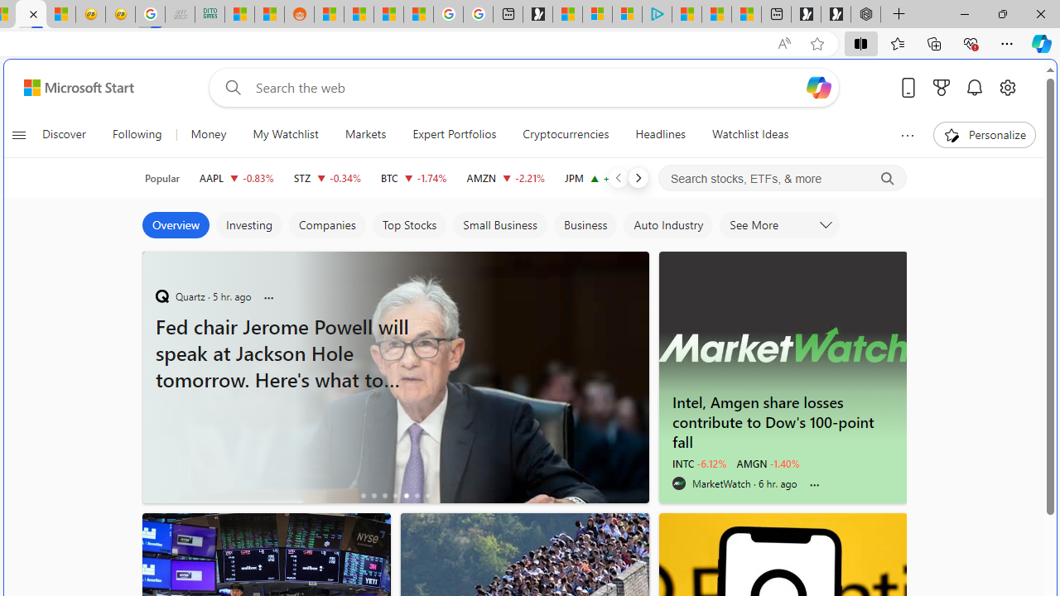 This screenshot has width=1060, height=596. I want to click on 'Watchlist Ideas', so click(749, 134).